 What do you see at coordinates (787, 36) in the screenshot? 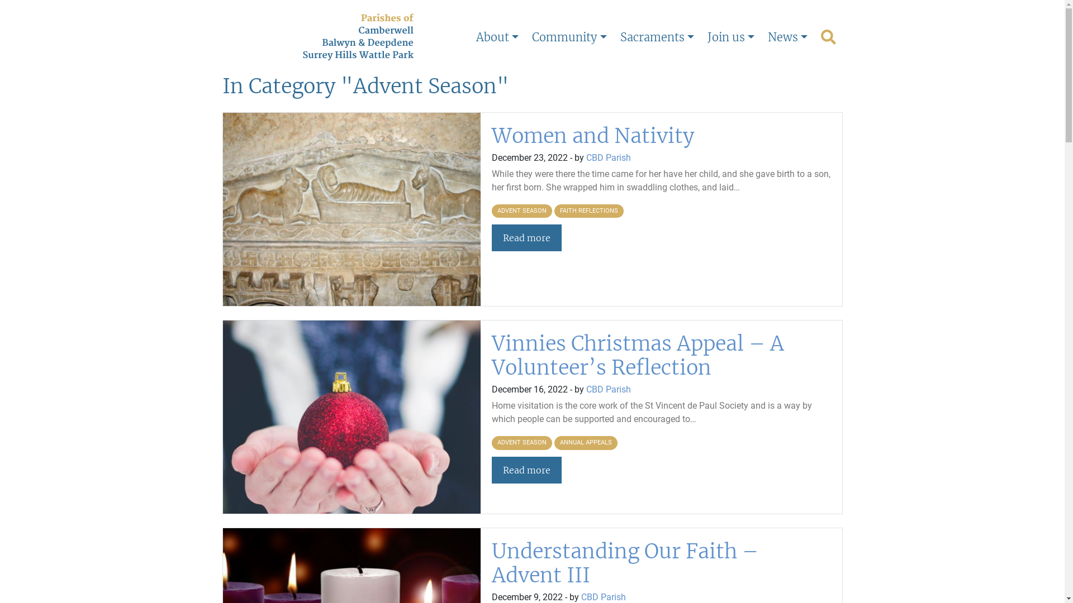
I see `'News'` at bounding box center [787, 36].